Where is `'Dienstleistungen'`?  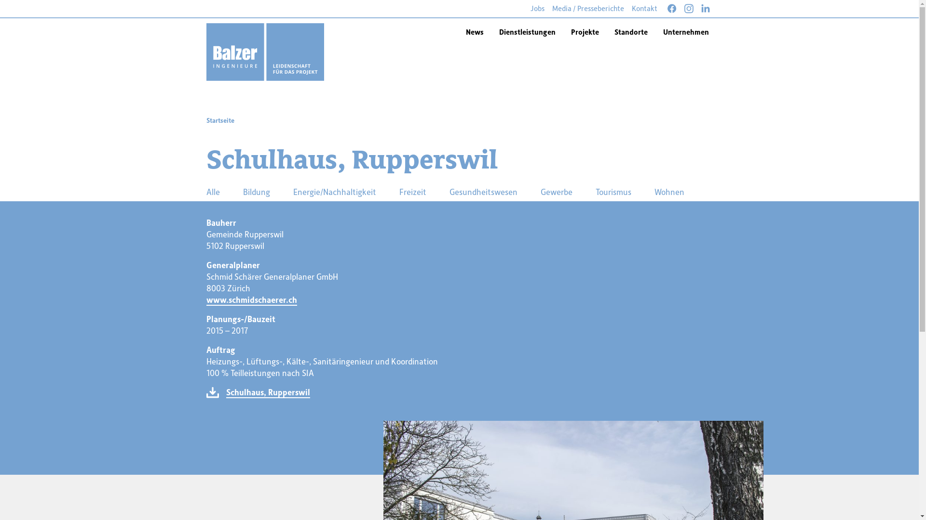
'Dienstleistungen' is located at coordinates (526, 30).